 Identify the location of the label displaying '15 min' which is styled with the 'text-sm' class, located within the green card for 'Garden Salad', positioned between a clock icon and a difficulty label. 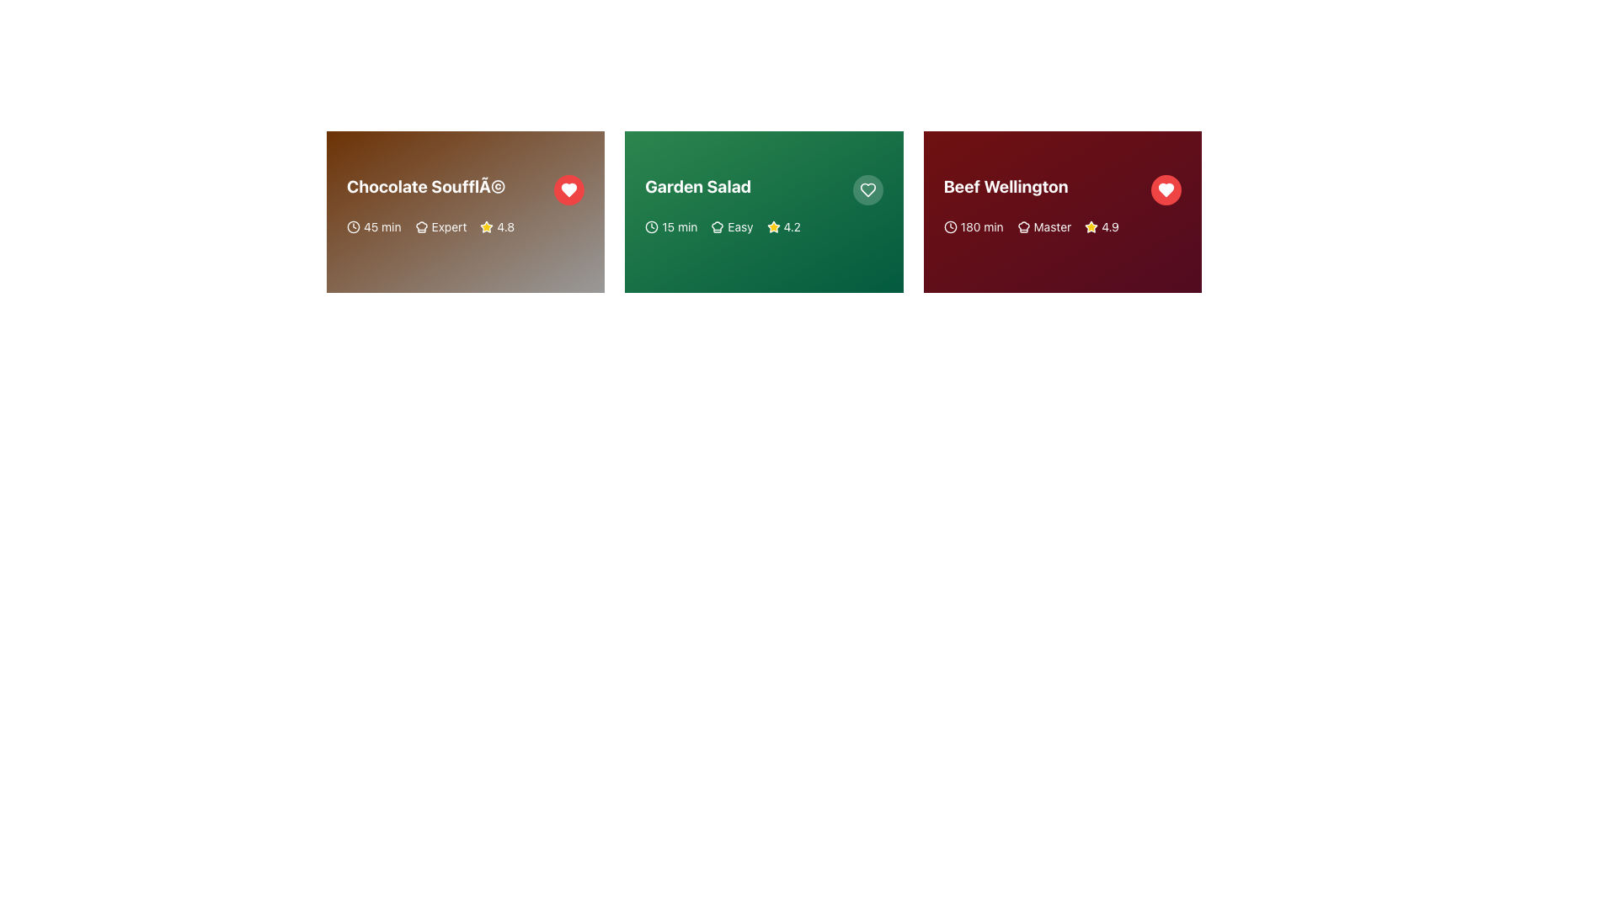
(680, 227).